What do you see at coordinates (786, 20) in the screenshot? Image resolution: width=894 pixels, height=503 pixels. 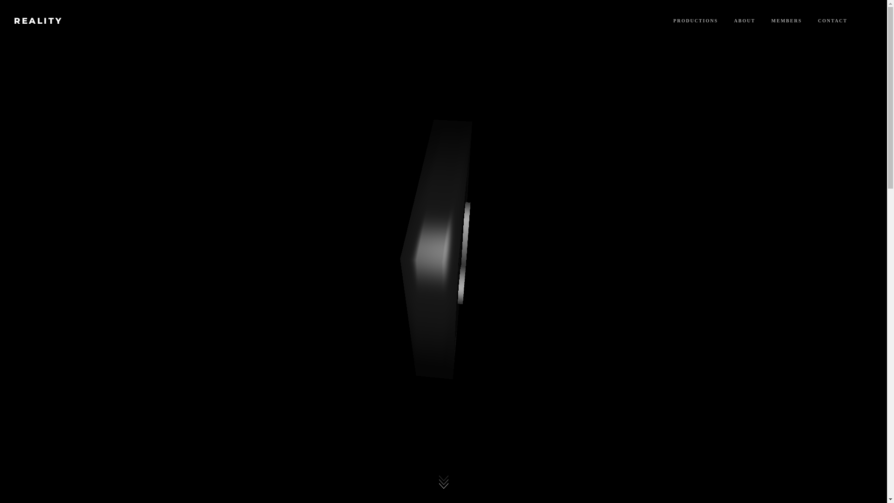 I see `'MEMBERS'` at bounding box center [786, 20].